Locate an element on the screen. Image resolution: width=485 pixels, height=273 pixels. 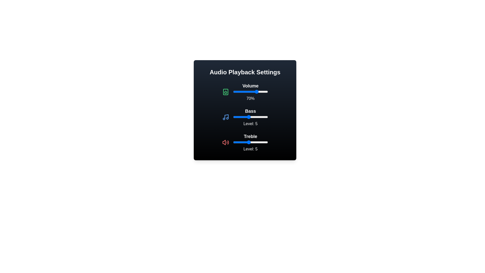
treble level is located at coordinates (237, 142).